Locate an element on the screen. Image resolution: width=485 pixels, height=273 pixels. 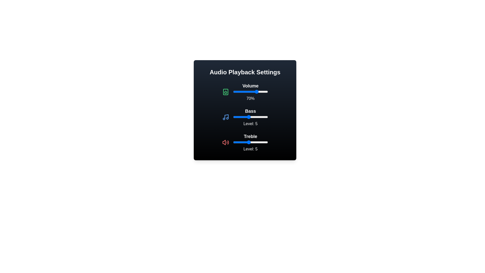
treble level is located at coordinates (237, 142).